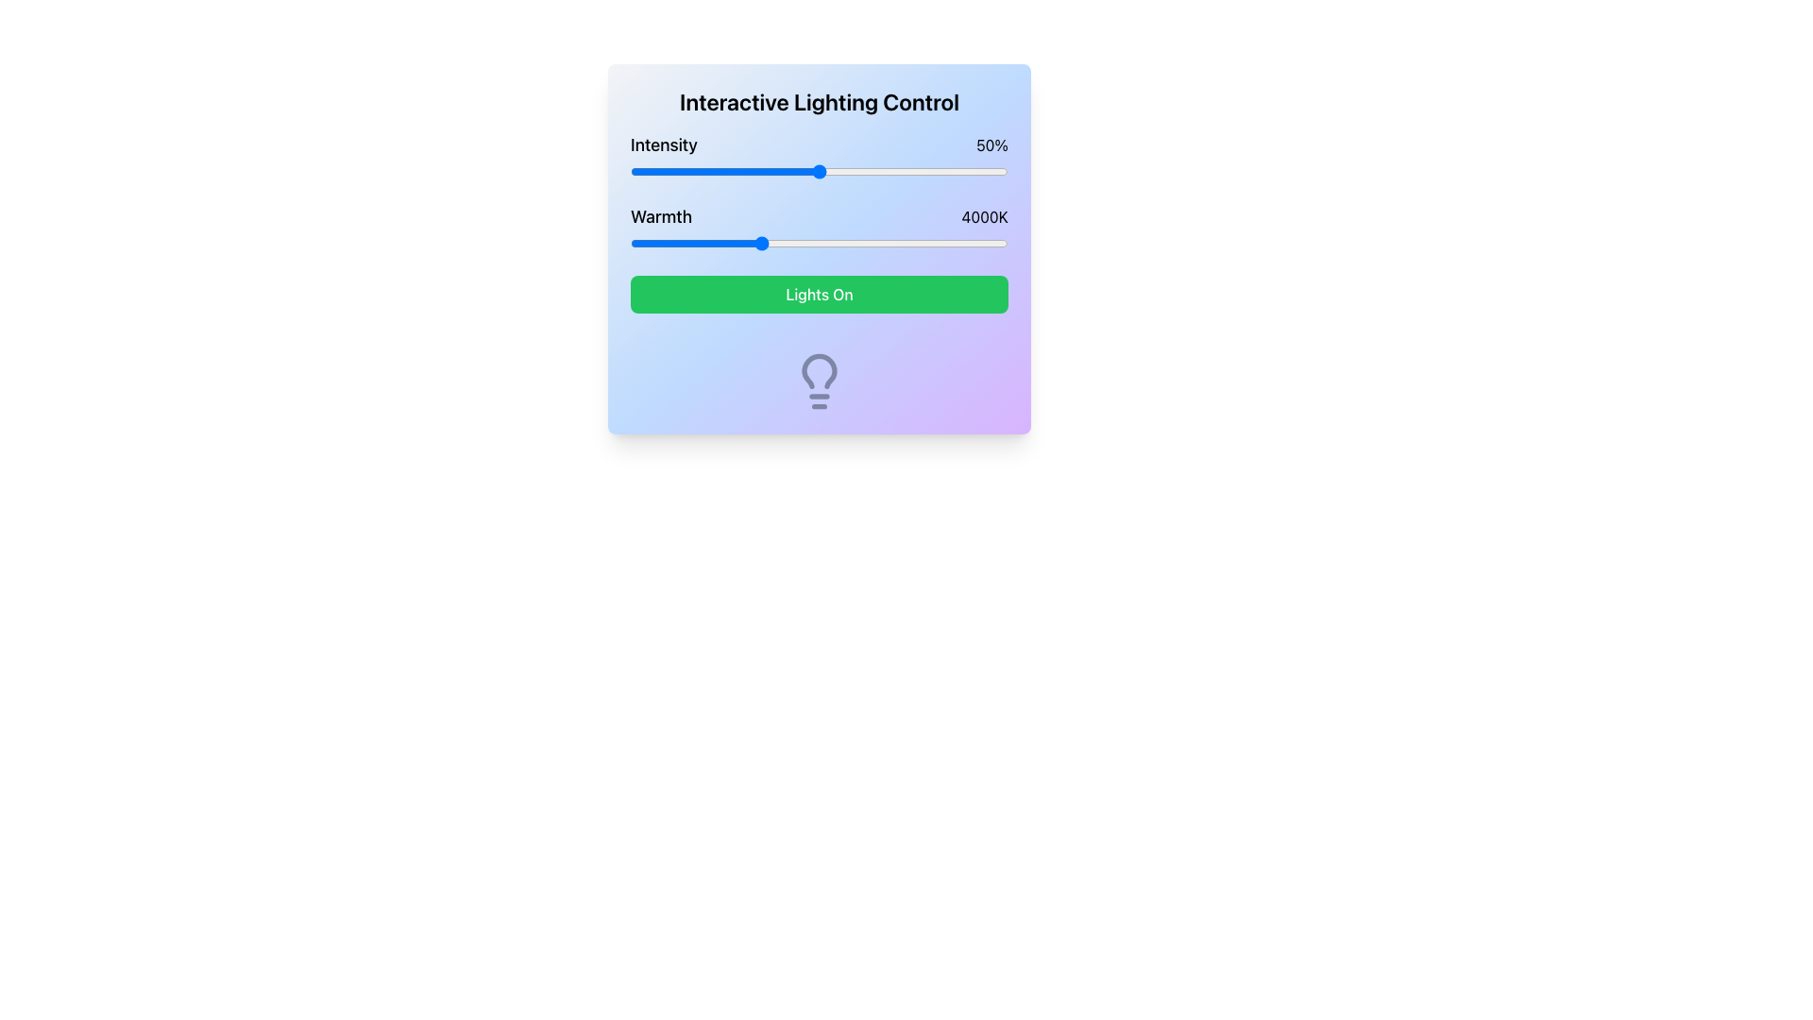 Image resolution: width=1813 pixels, height=1020 pixels. Describe the element at coordinates (984, 216) in the screenshot. I see `numerical value displayed in the label that indicates the current color temperature setting in kelvins, positioned to the right of the 'Warmth' label` at that location.